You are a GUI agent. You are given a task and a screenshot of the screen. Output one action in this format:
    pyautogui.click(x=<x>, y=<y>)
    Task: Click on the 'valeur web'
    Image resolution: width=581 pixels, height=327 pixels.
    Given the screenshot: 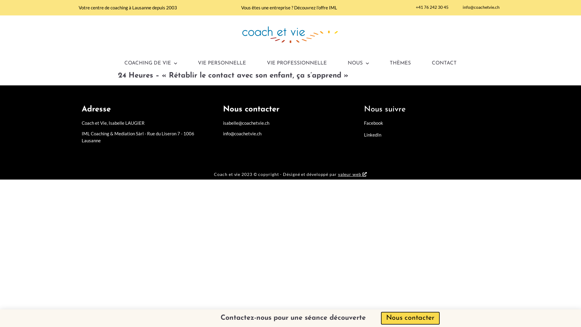 What is the action you would take?
    pyautogui.click(x=350, y=174)
    